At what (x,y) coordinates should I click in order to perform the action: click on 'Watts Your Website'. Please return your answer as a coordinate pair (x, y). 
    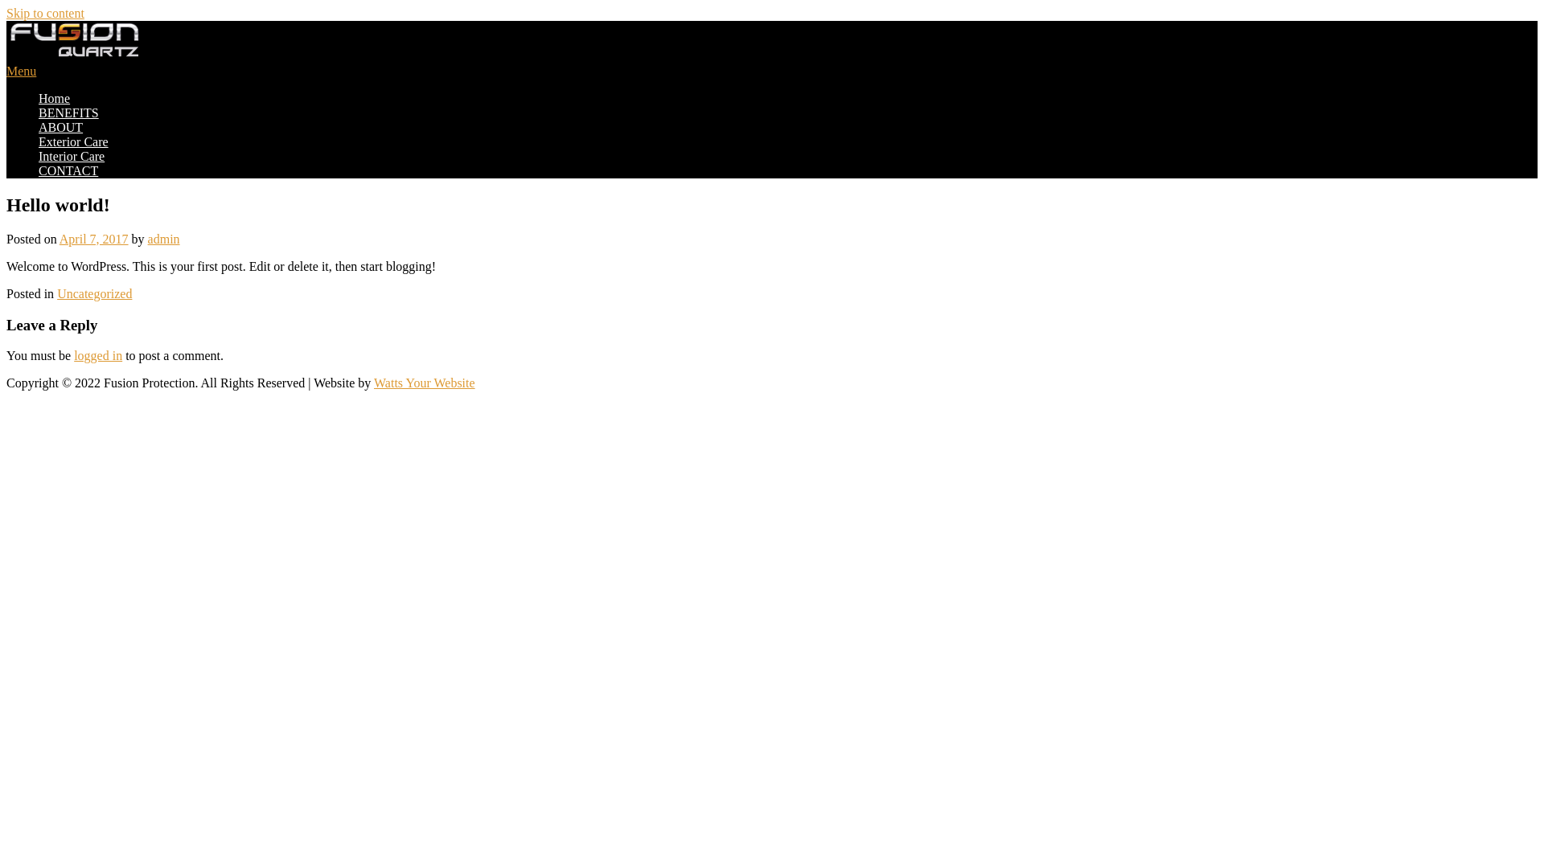
    Looking at the image, I should click on (425, 383).